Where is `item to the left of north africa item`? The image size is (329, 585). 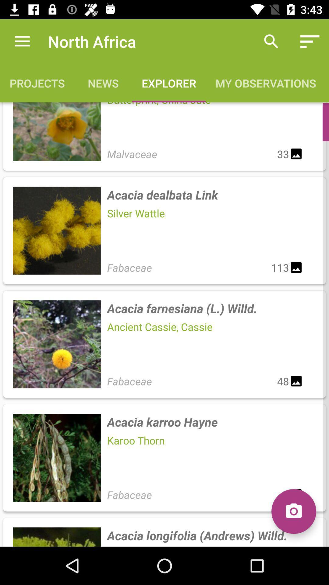 item to the left of north africa item is located at coordinates (22, 41).